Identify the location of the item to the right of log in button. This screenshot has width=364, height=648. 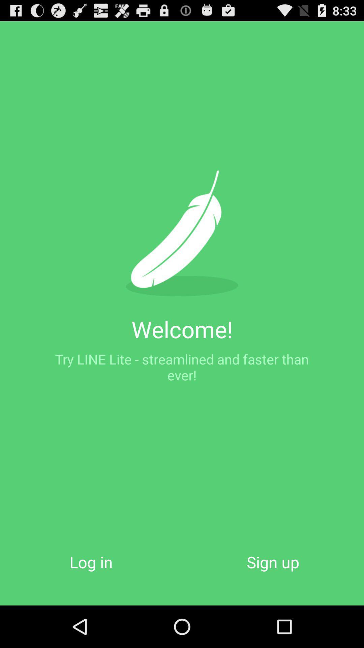
(273, 562).